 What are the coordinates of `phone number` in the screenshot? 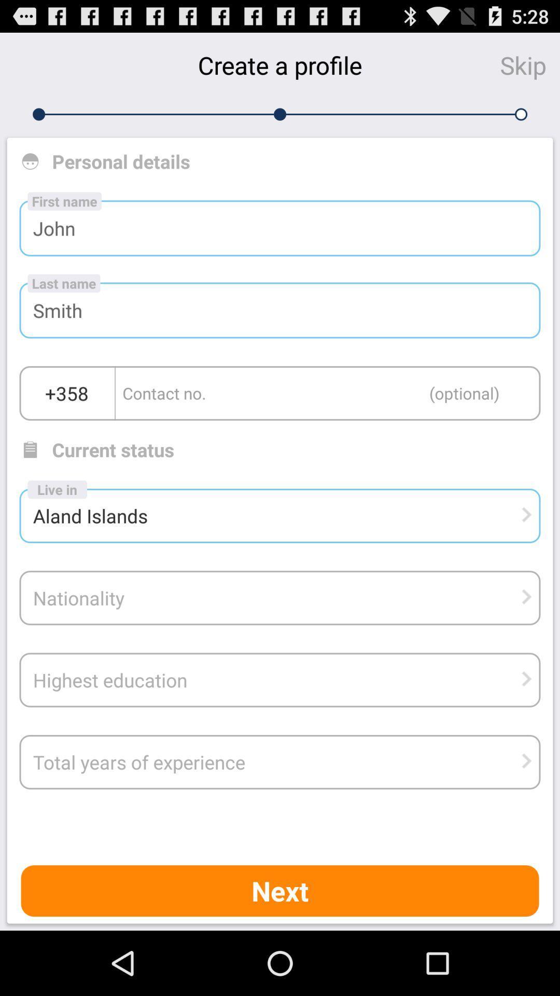 It's located at (328, 393).